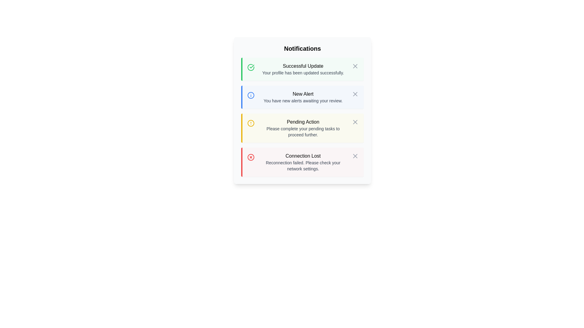  I want to click on the dismiss button icon (X) located to the right of the text 'Pending Action Please complete your pending tasks to proceed further.' on the yellow-highlighted notification to observe styling changes, so click(355, 122).